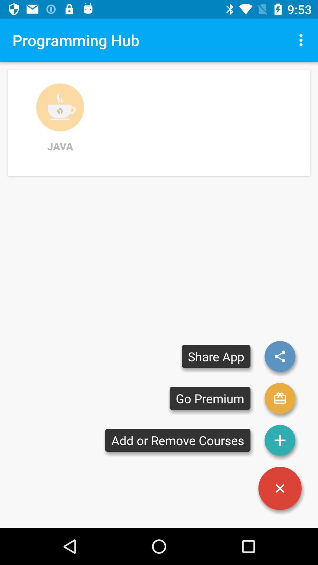 The height and width of the screenshot is (565, 318). Describe the element at coordinates (280, 398) in the screenshot. I see `premium offerings` at that location.